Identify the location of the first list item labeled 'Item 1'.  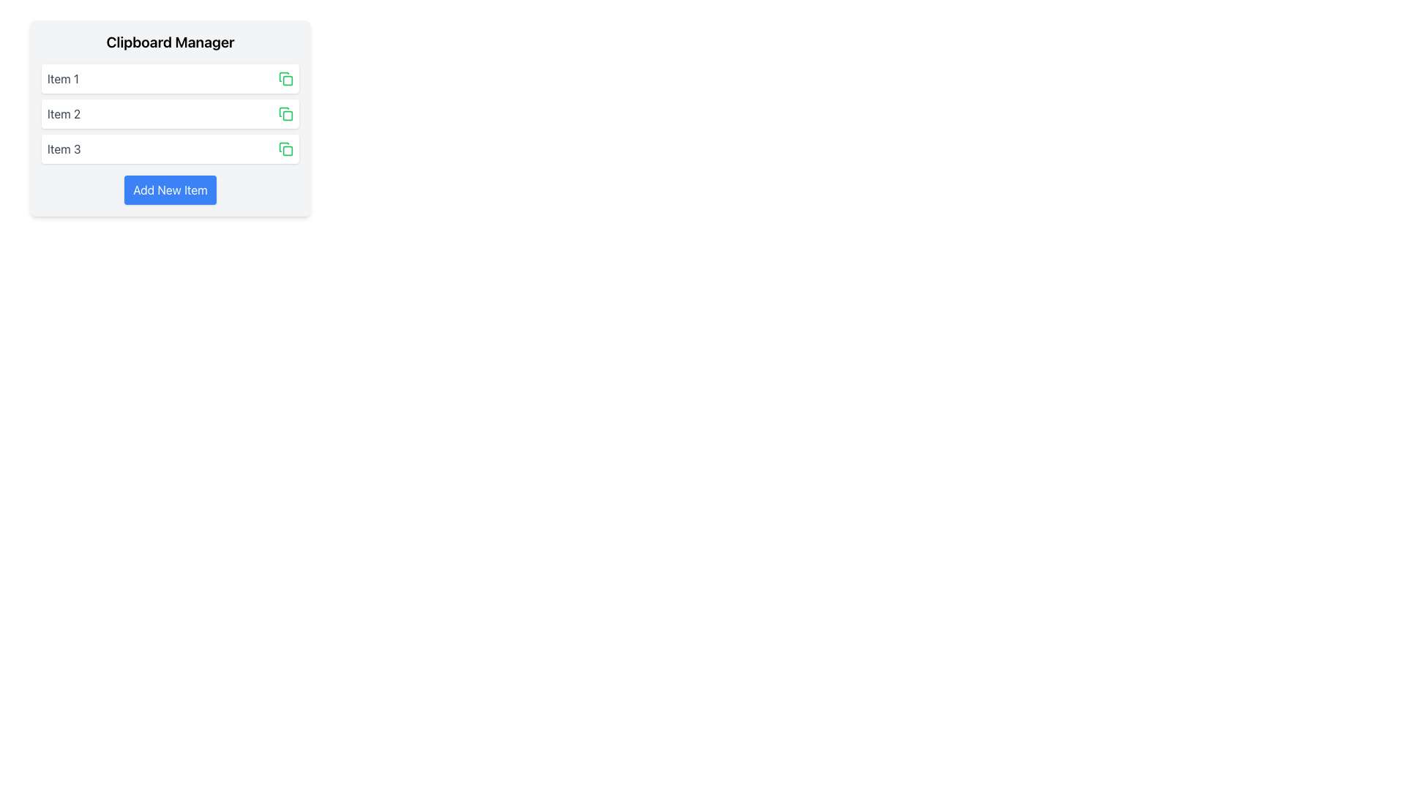
(171, 79).